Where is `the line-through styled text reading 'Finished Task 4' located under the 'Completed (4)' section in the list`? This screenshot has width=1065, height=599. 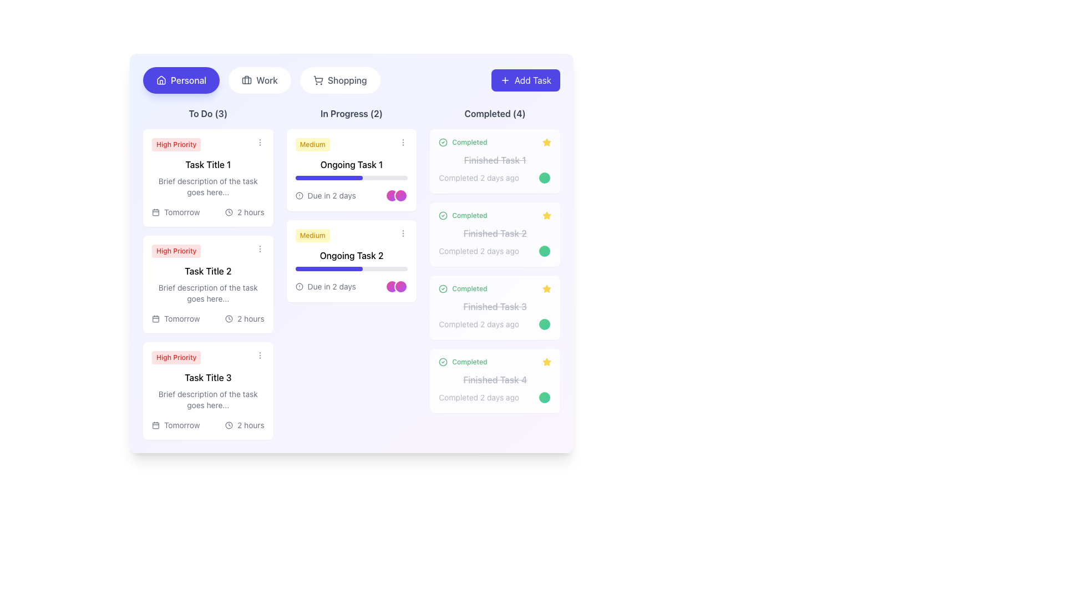 the line-through styled text reading 'Finished Task 4' located under the 'Completed (4)' section in the list is located at coordinates (494, 379).